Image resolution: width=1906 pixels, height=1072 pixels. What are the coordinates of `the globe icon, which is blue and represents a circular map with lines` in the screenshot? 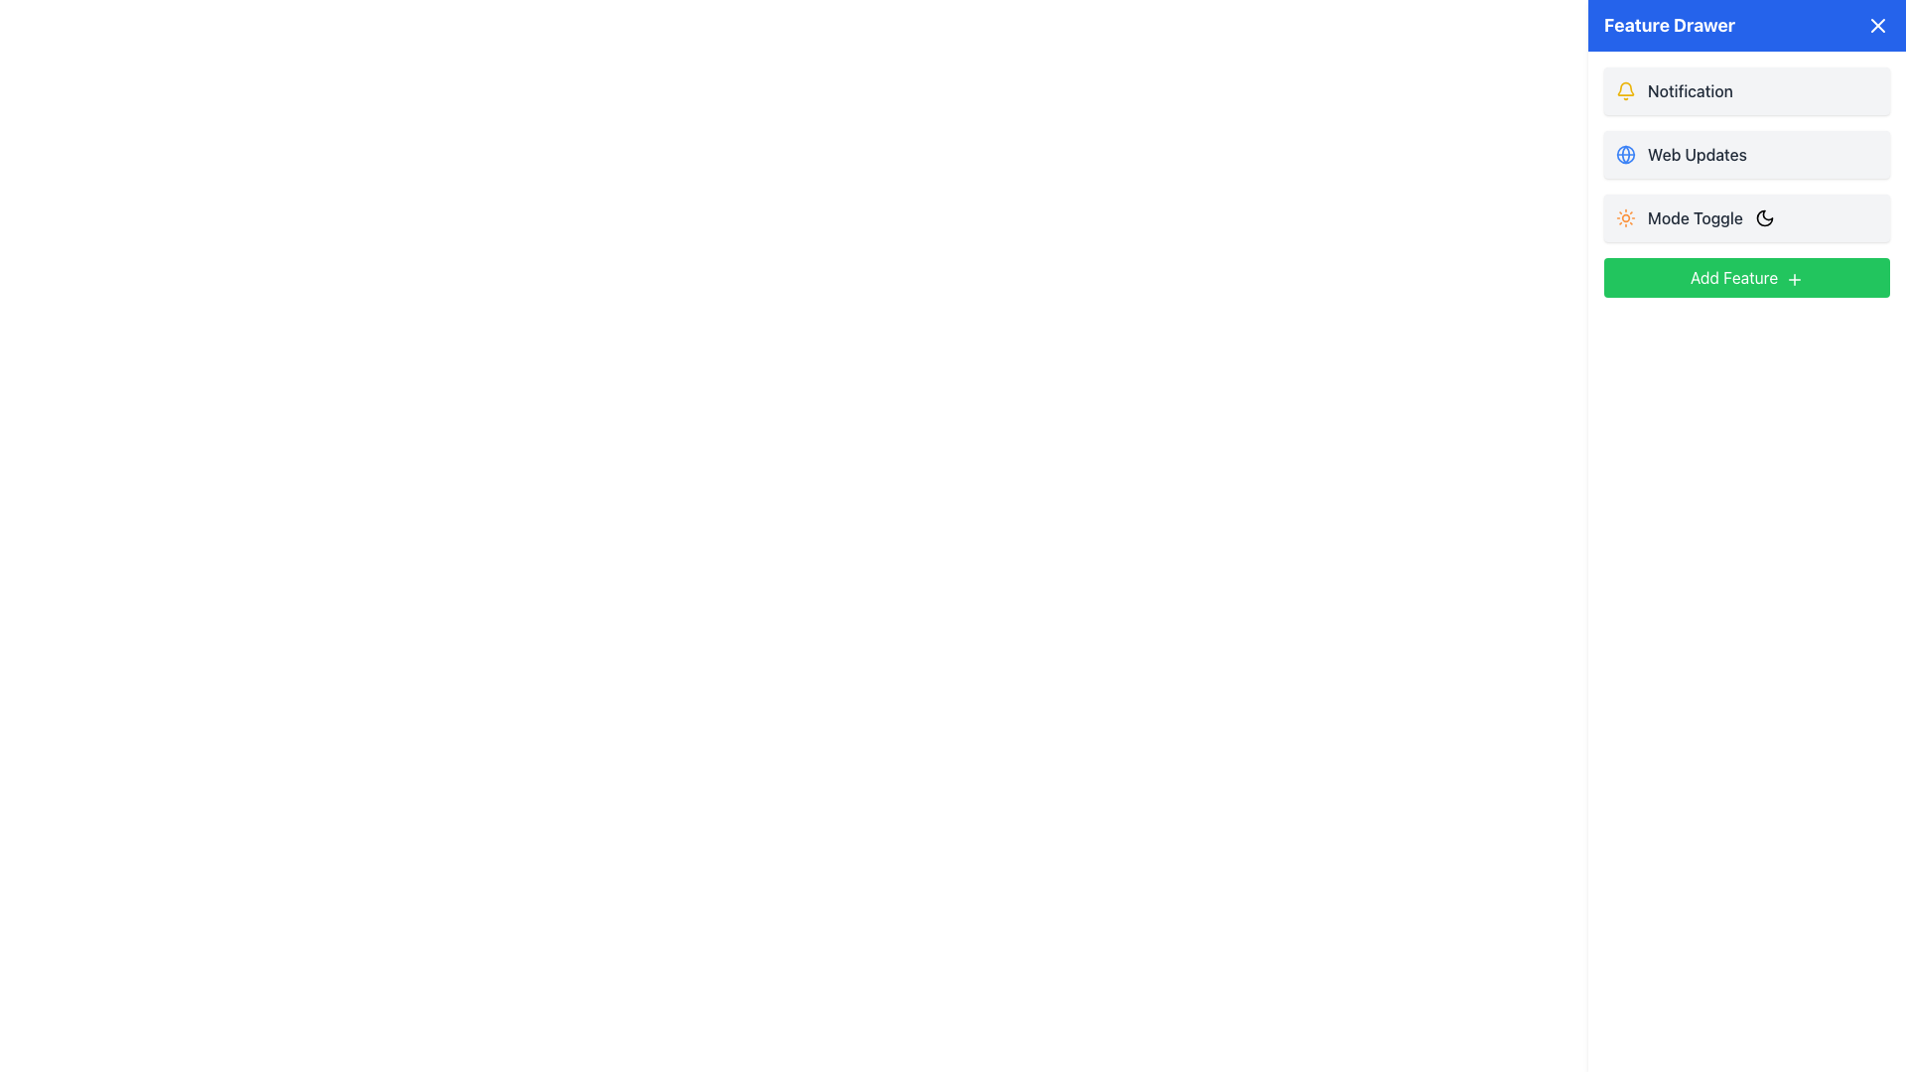 It's located at (1625, 153).